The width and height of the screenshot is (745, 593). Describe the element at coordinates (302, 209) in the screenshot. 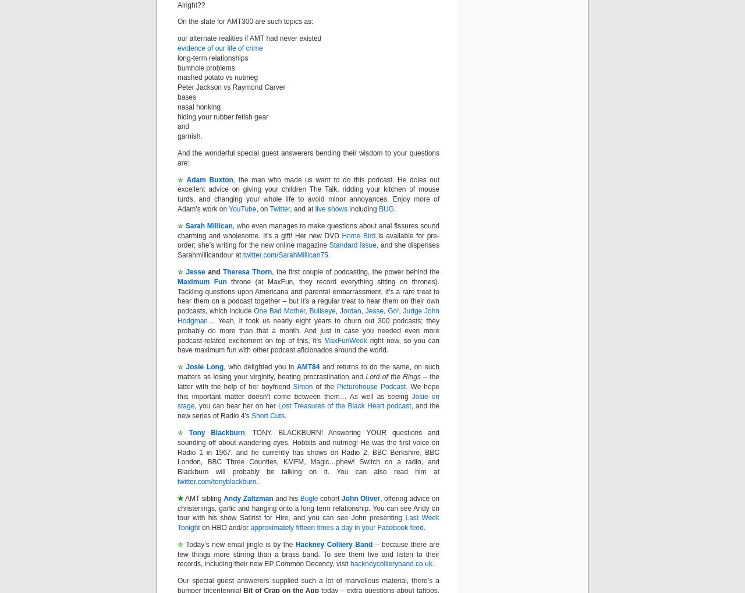

I see `', and at'` at that location.